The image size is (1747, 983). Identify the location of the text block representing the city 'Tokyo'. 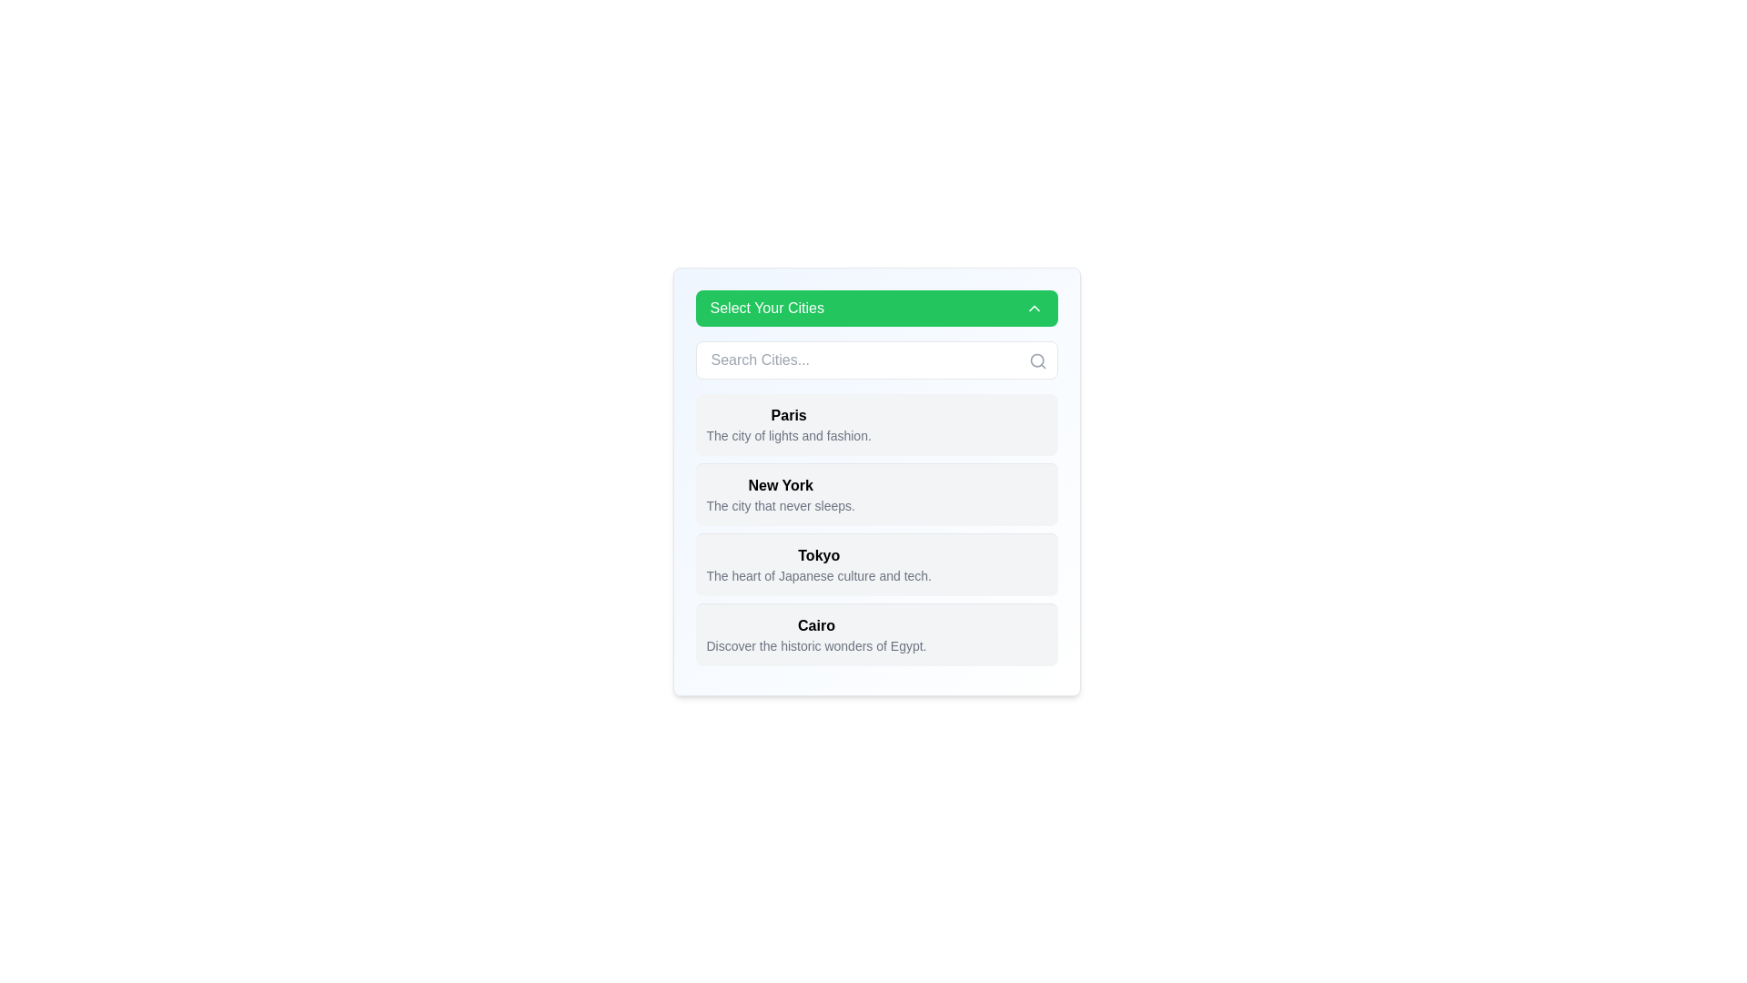
(818, 564).